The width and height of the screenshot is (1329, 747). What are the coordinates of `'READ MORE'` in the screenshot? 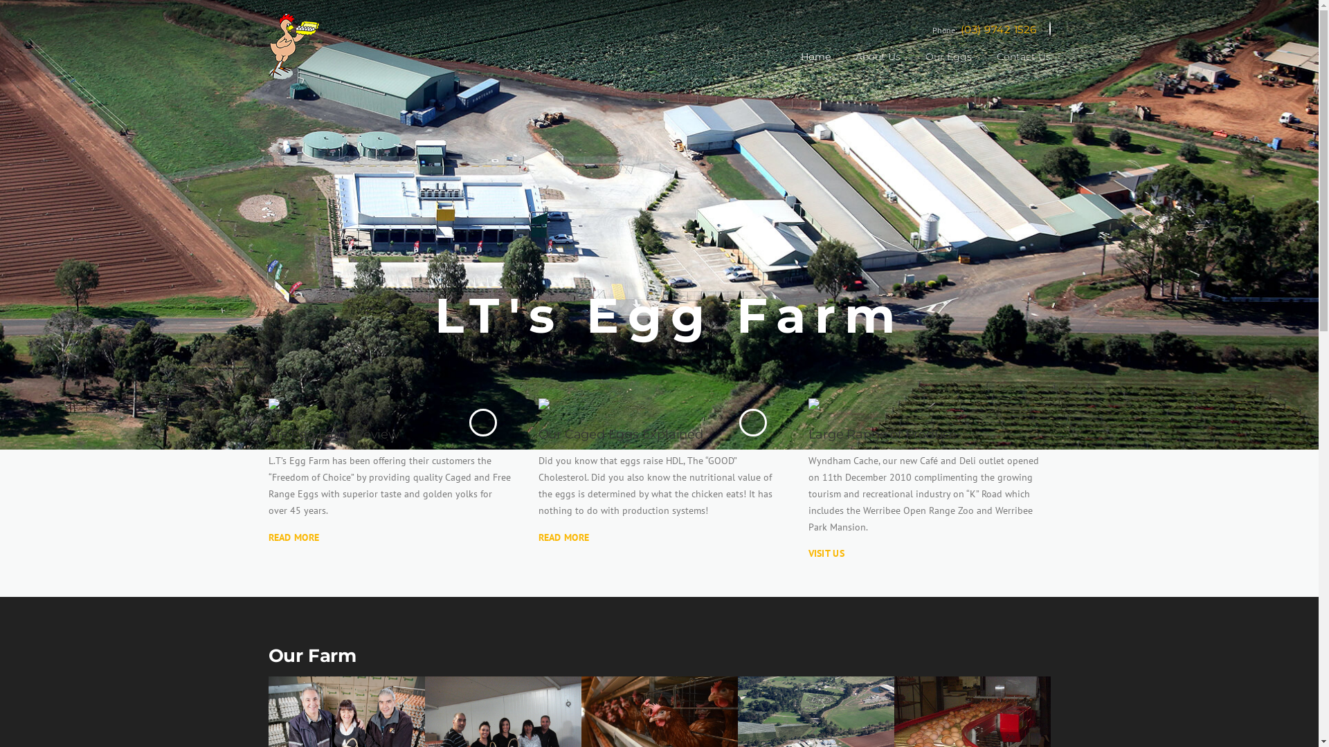 It's located at (564, 536).